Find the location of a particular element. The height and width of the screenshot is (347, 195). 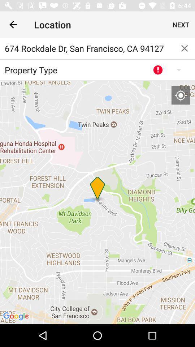

the 674 rockdale dr item is located at coordinates (87, 48).